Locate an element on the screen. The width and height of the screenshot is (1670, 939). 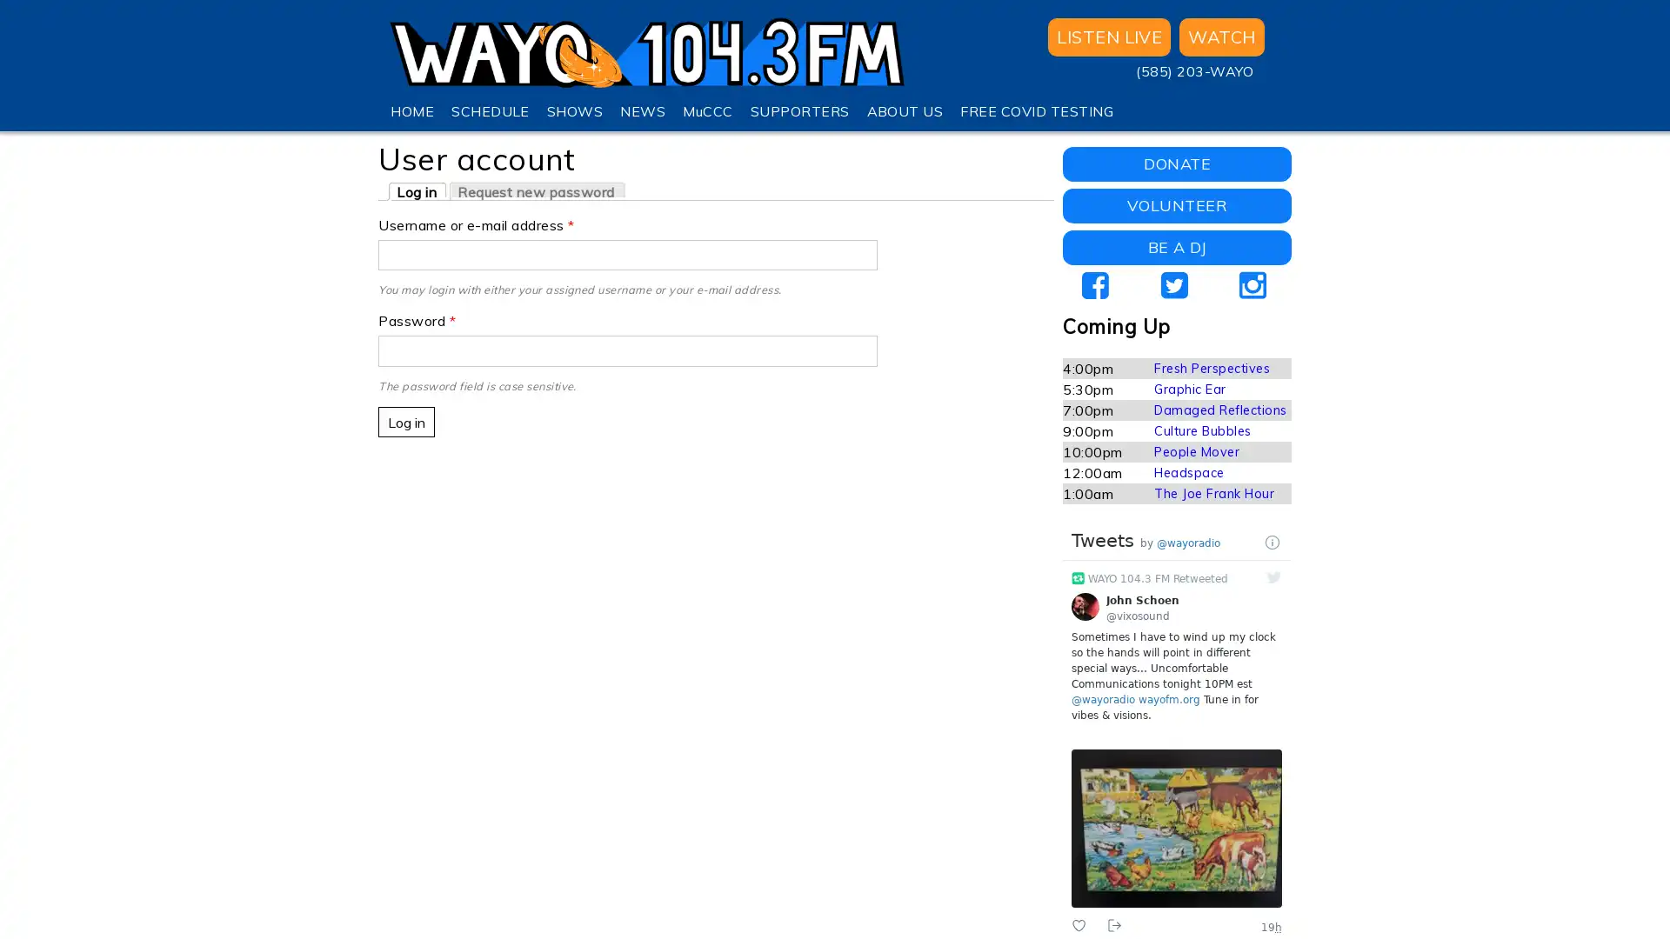
Log in is located at coordinates (405, 422).